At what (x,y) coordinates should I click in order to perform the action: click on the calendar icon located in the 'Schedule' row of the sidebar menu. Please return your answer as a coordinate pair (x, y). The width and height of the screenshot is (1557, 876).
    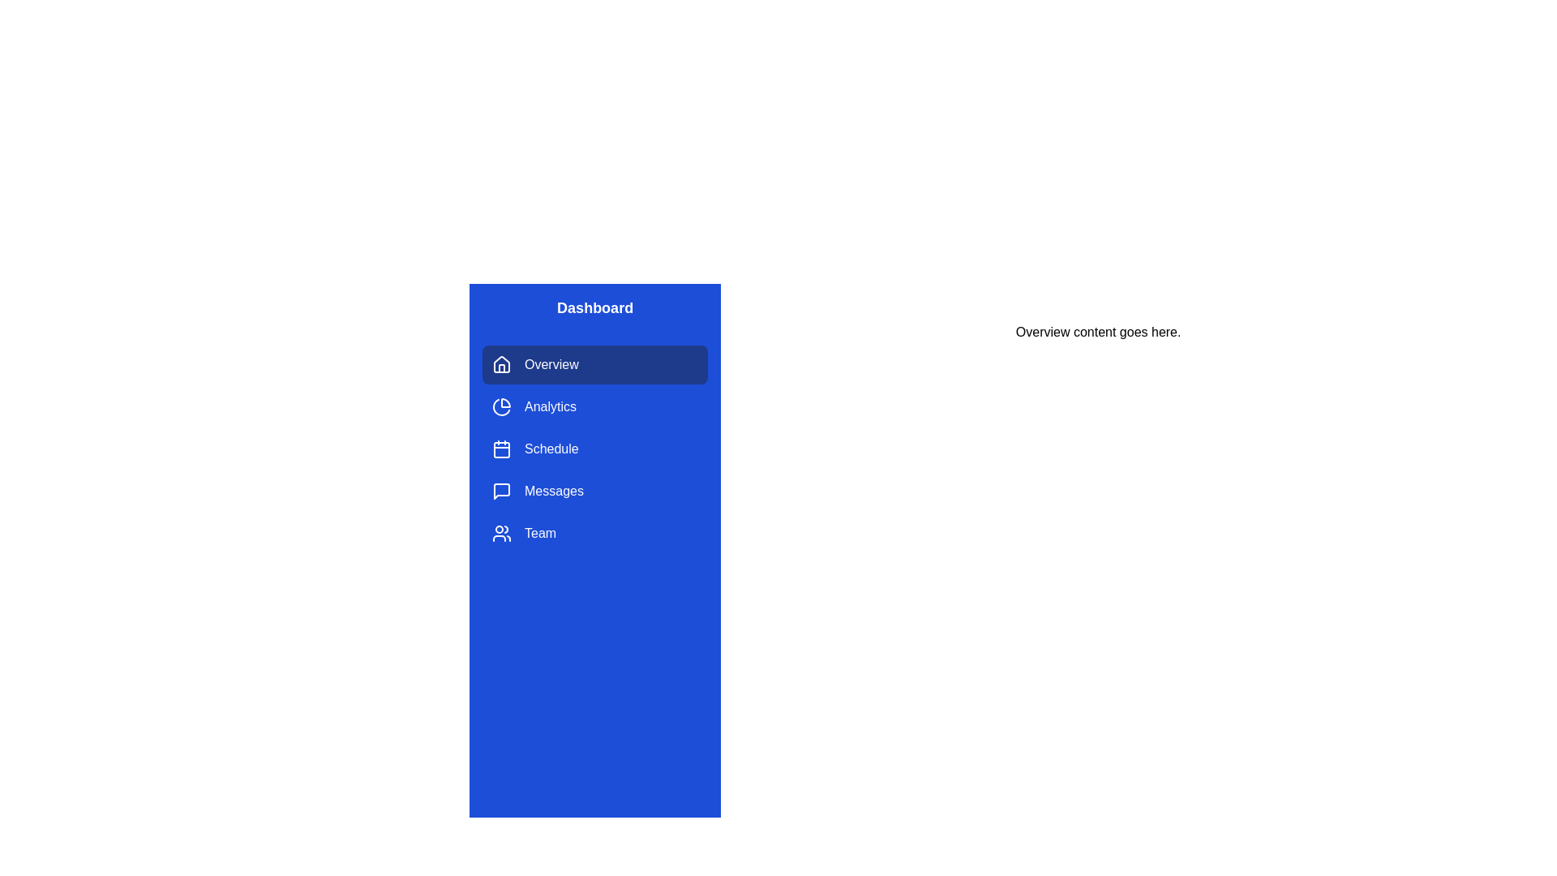
    Looking at the image, I should click on (501, 449).